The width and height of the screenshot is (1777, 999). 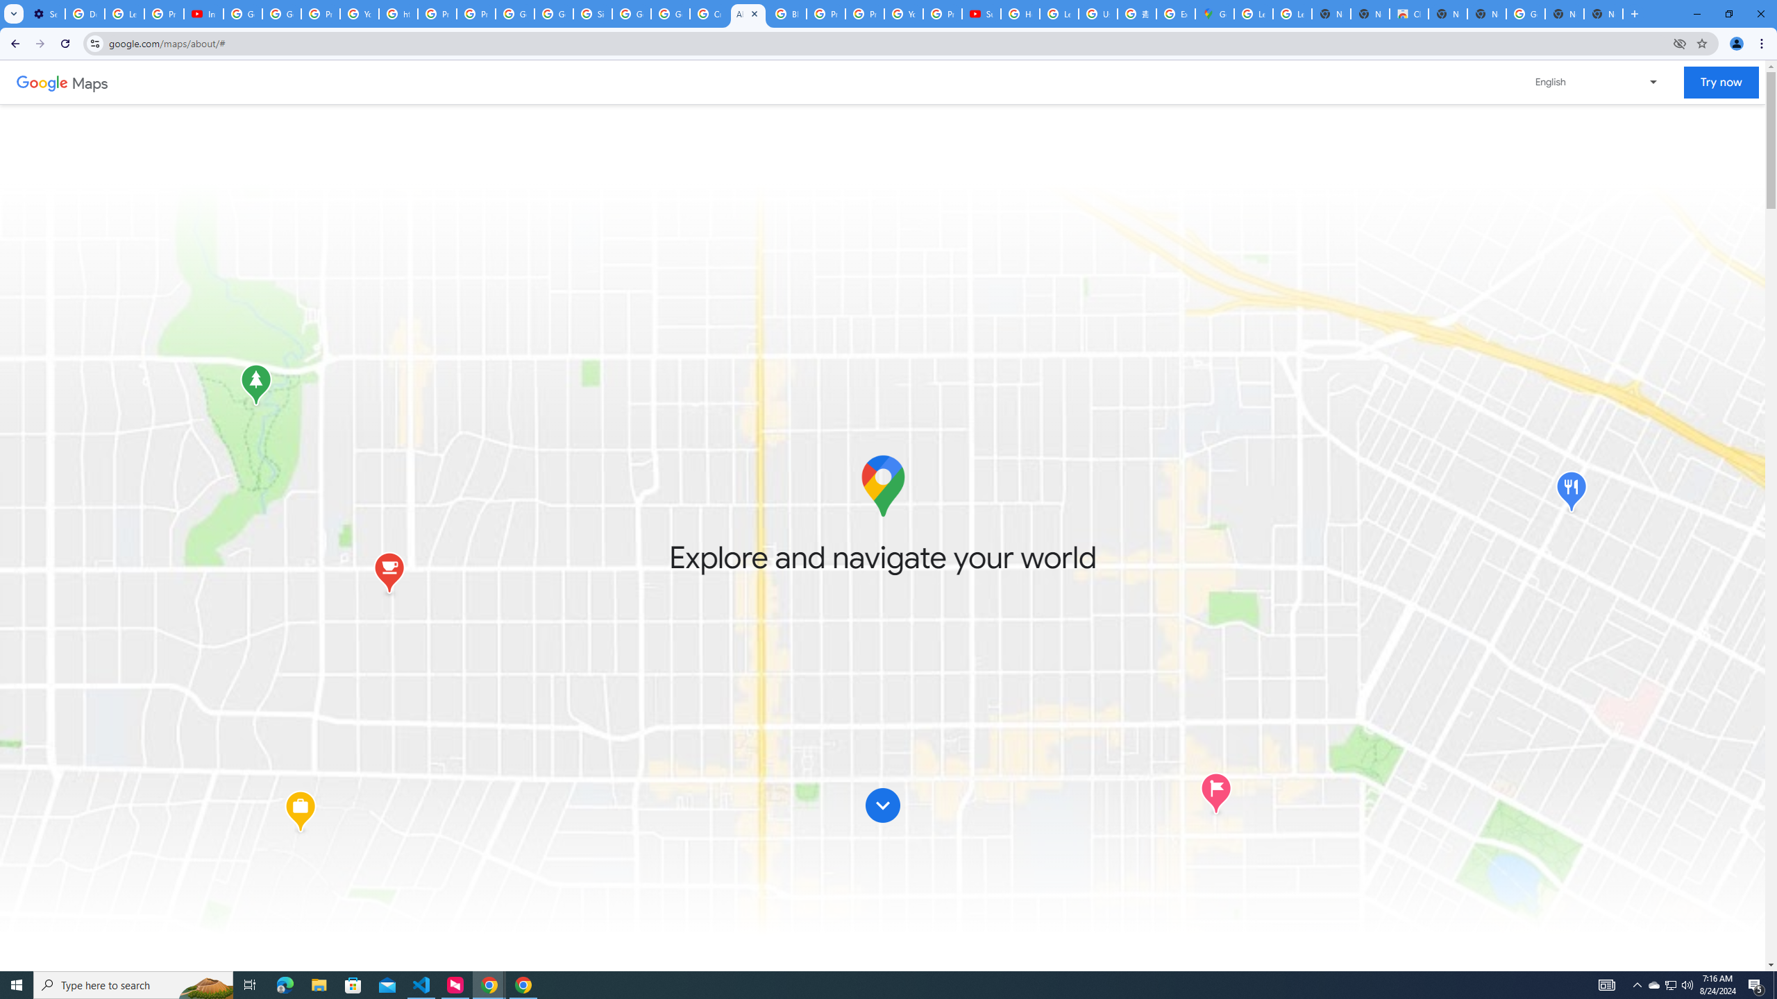 What do you see at coordinates (203, 13) in the screenshot?
I see `'Introduction | Google Privacy Policy - YouTube'` at bounding box center [203, 13].